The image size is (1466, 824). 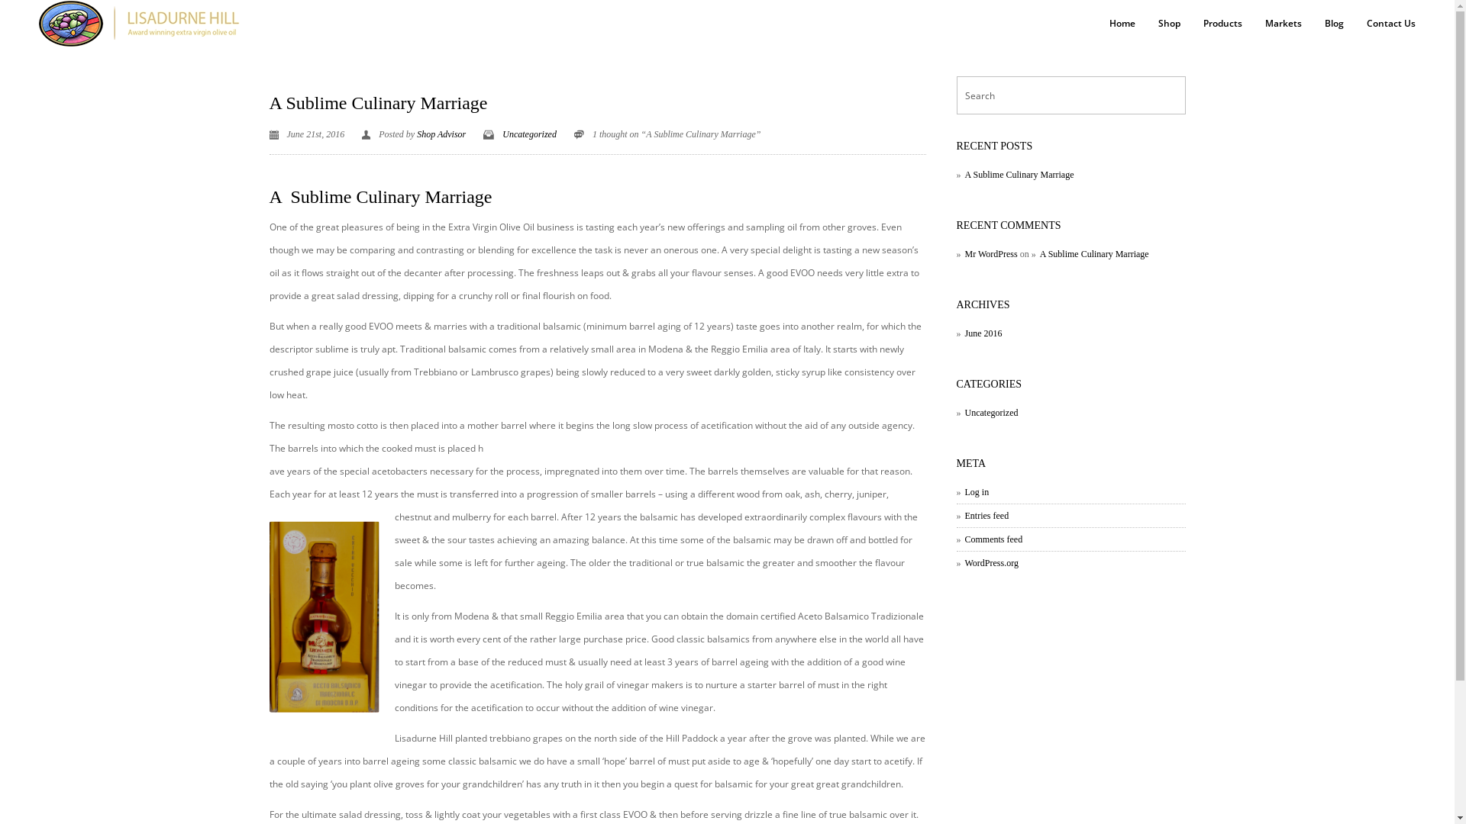 I want to click on 'Home', so click(x=1122, y=23).